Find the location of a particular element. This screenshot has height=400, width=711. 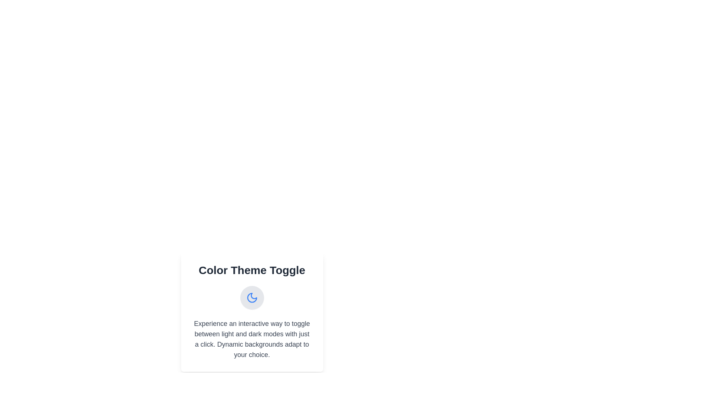

the block of text displaying the message about toggling between light and dark modes, which is centrally aligned with gray font color and is located beneath the 'Color Theme Toggle' header is located at coordinates (252, 339).